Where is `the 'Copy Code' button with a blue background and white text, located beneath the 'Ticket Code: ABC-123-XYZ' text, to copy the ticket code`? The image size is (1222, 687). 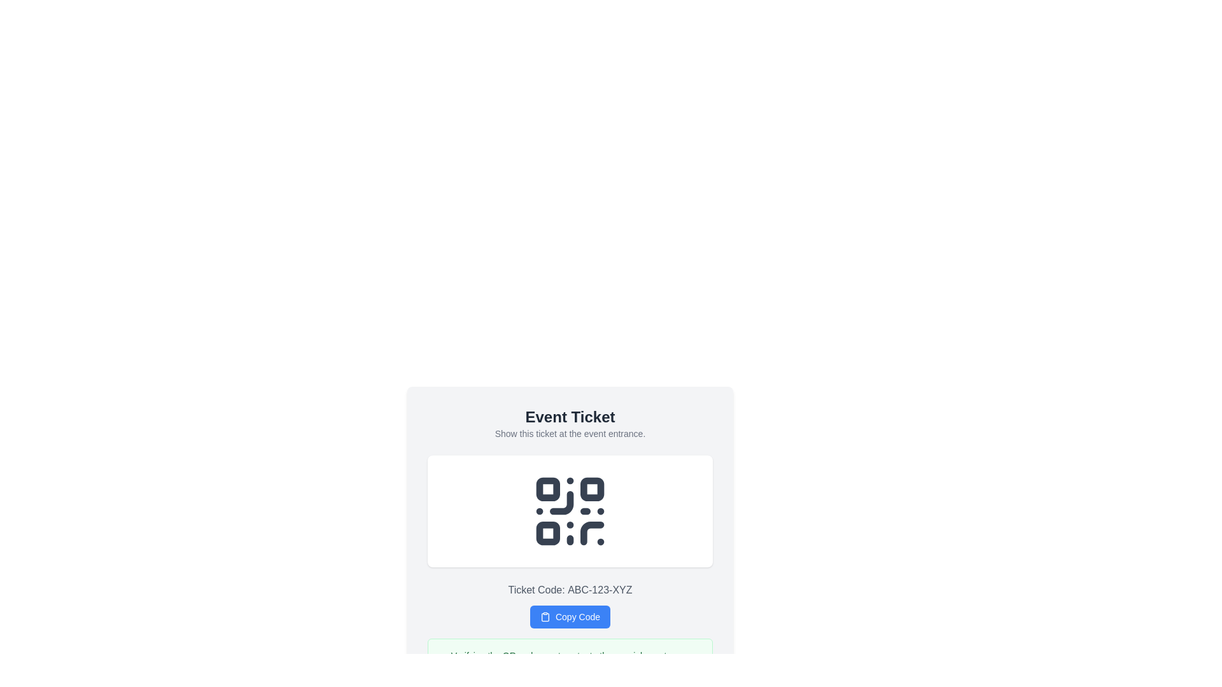
the 'Copy Code' button with a blue background and white text, located beneath the 'Ticket Code: ABC-123-XYZ' text, to copy the ticket code is located at coordinates (570, 616).